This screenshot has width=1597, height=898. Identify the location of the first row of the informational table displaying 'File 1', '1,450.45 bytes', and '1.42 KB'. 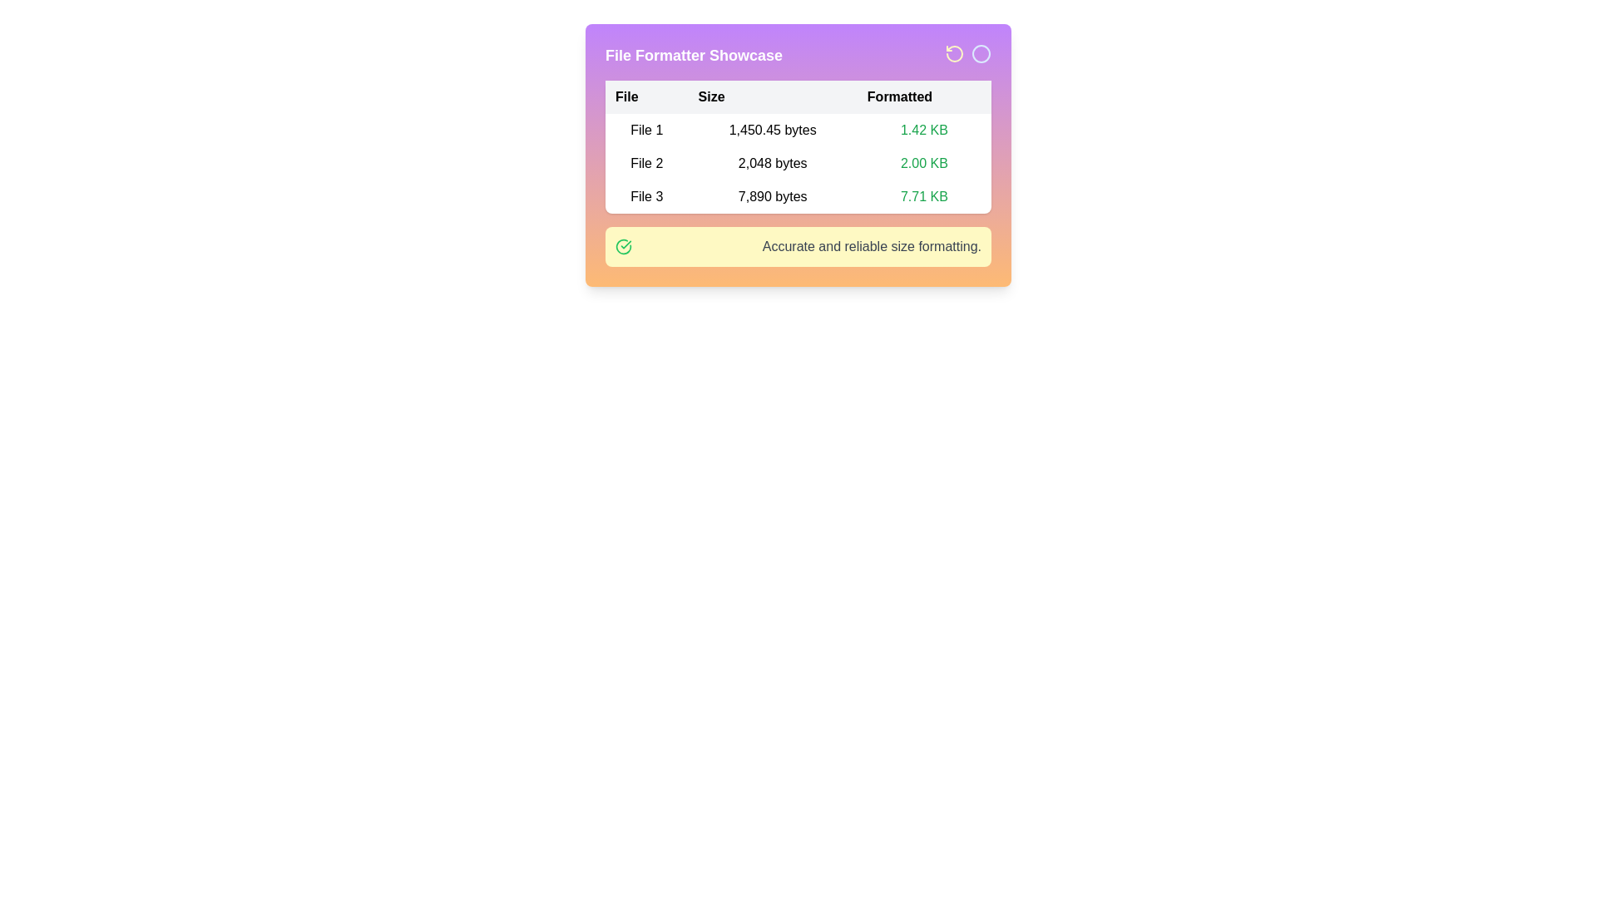
(798, 130).